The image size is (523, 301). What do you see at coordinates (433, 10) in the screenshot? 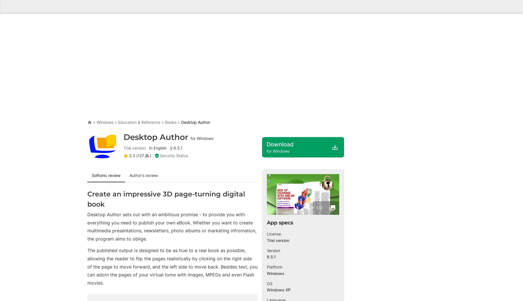
I see `'News'` at bounding box center [433, 10].